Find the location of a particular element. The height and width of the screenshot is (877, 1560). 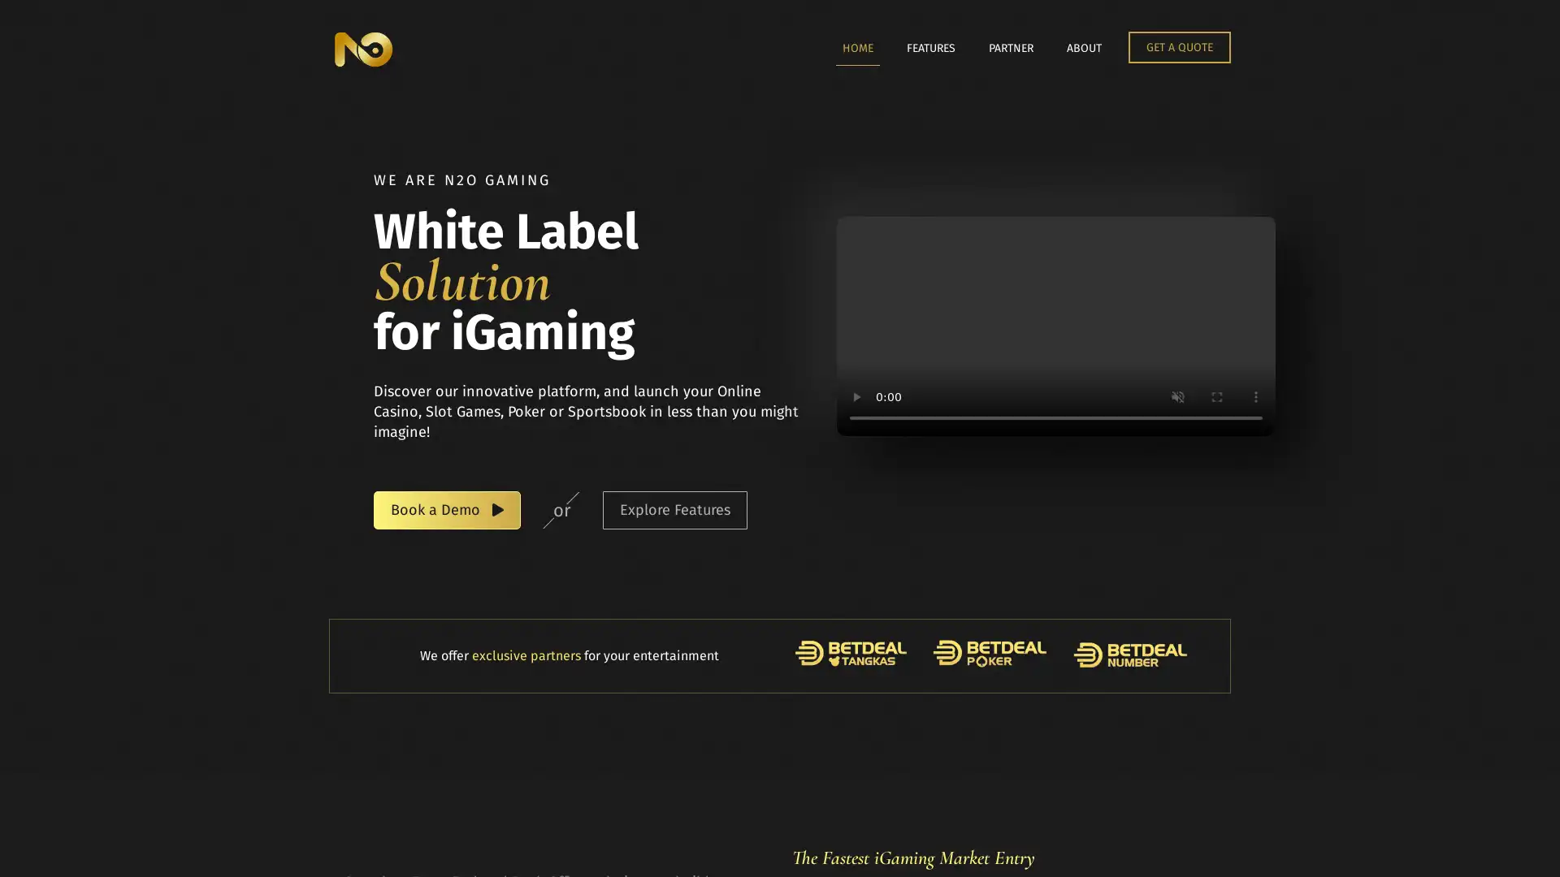

unmute is located at coordinates (1177, 397).